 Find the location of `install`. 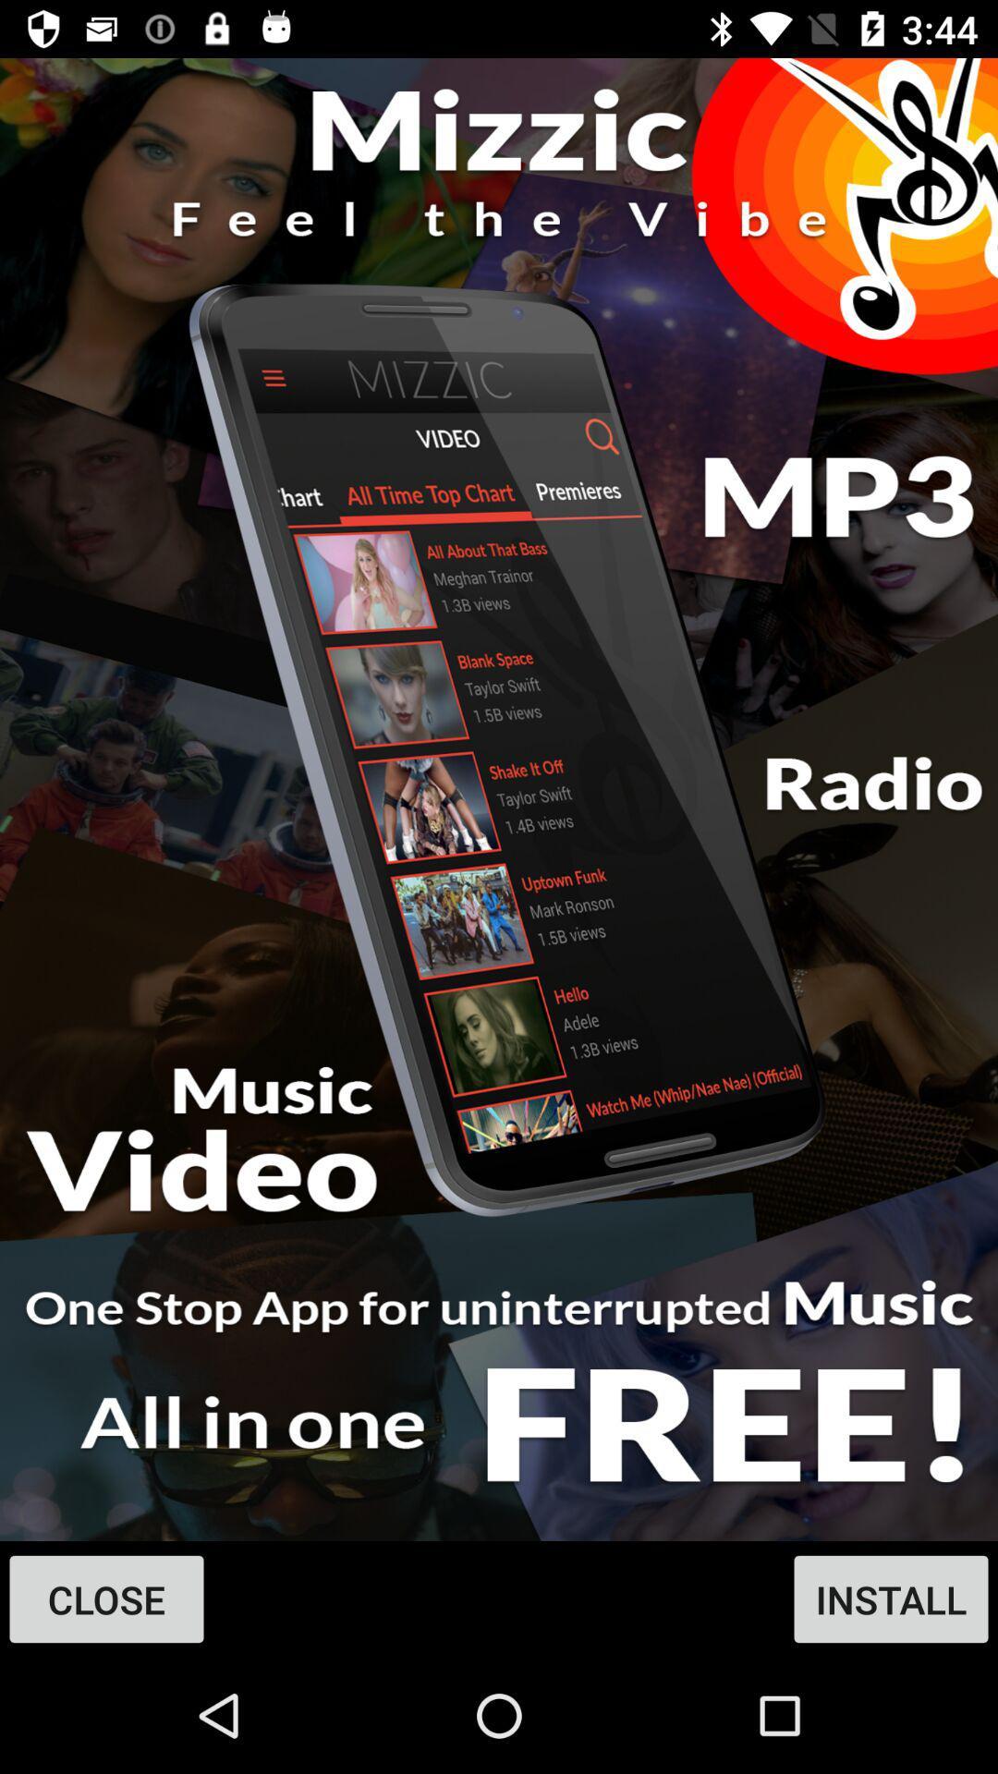

install is located at coordinates (499, 799).